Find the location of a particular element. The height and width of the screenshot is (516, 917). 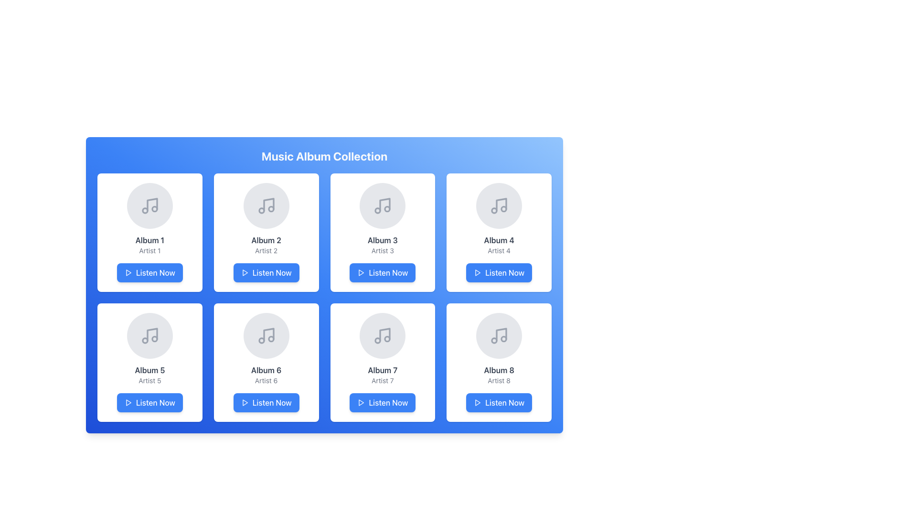

the music note icon located within the circular background of the 'Album 6' card in the second row, third column of the music grid layout is located at coordinates (266, 335).